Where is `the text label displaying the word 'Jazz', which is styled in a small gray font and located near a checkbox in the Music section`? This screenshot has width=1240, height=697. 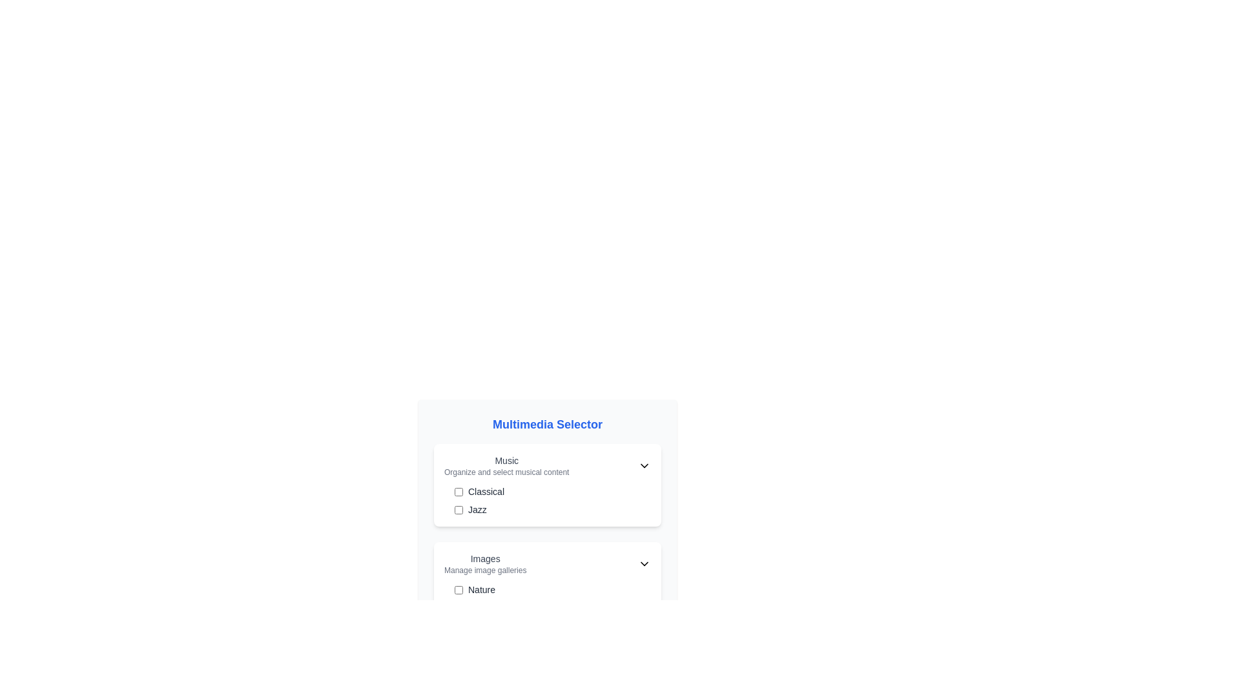 the text label displaying the word 'Jazz', which is styled in a small gray font and located near a checkbox in the Music section is located at coordinates (477, 509).